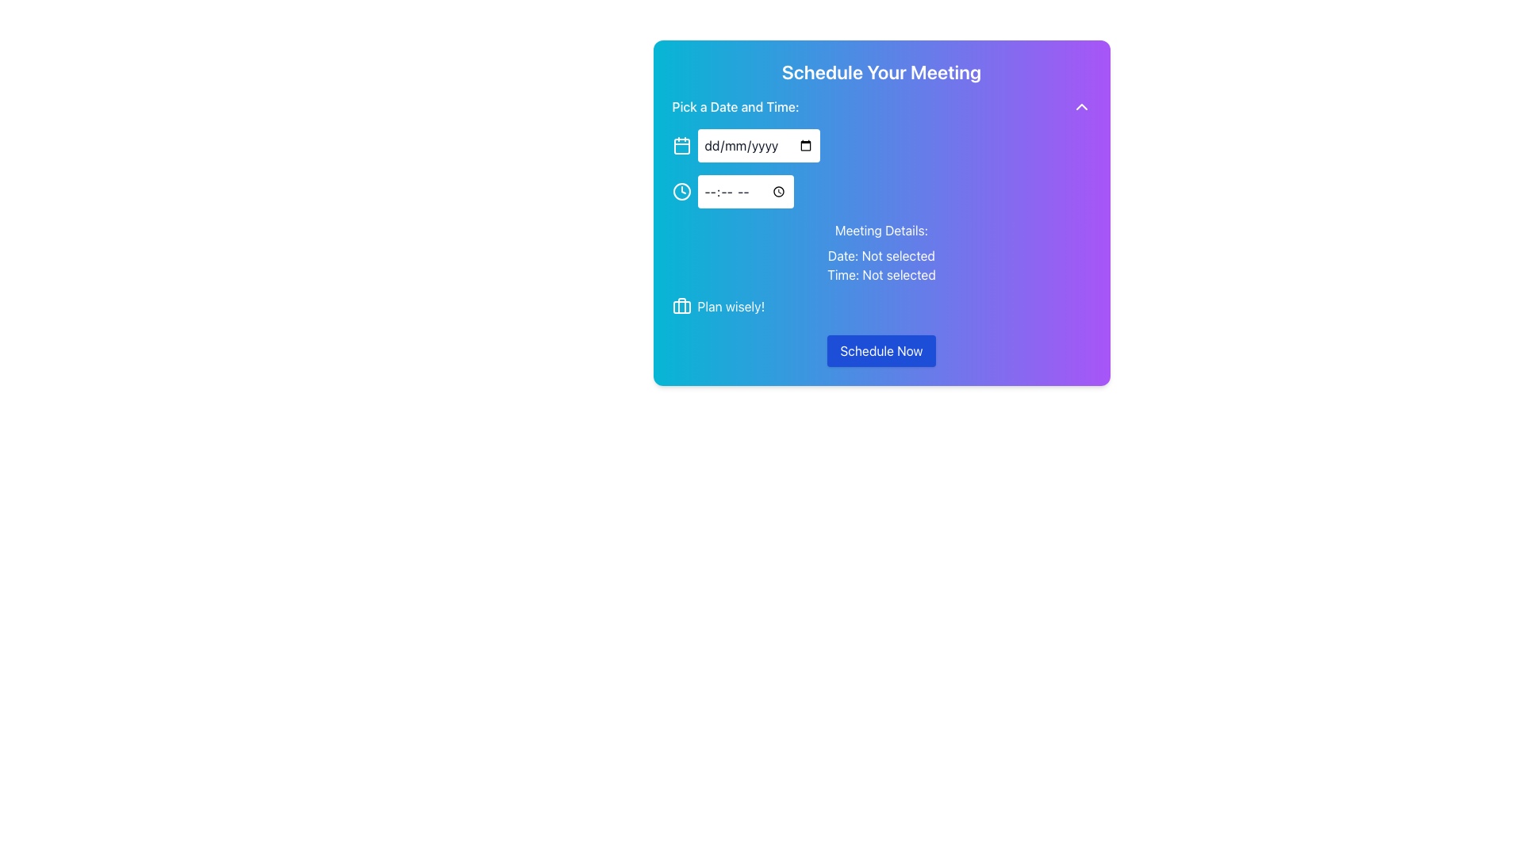 The width and height of the screenshot is (1523, 856). What do you see at coordinates (735, 107) in the screenshot?
I see `the text label that instructs the user to pick a date and time, located in the top left corner of the 'Schedule Your Meeting' card, above the date-picker field` at bounding box center [735, 107].